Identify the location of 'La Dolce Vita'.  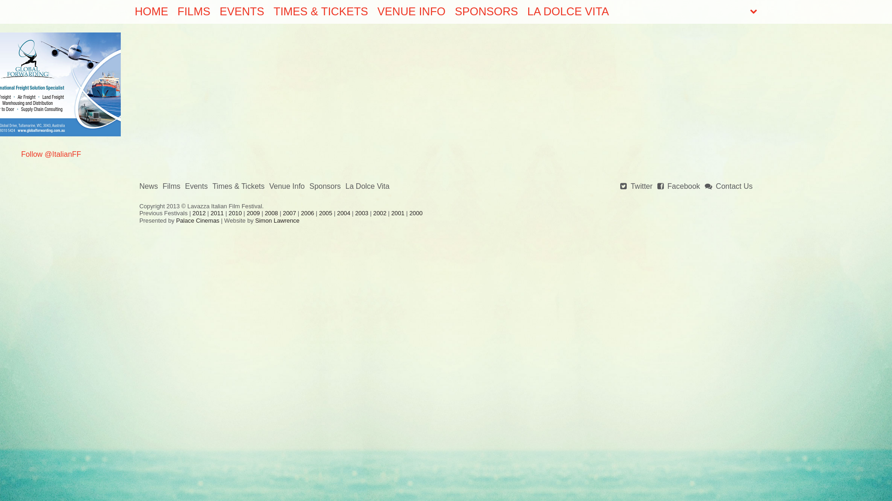
(367, 186).